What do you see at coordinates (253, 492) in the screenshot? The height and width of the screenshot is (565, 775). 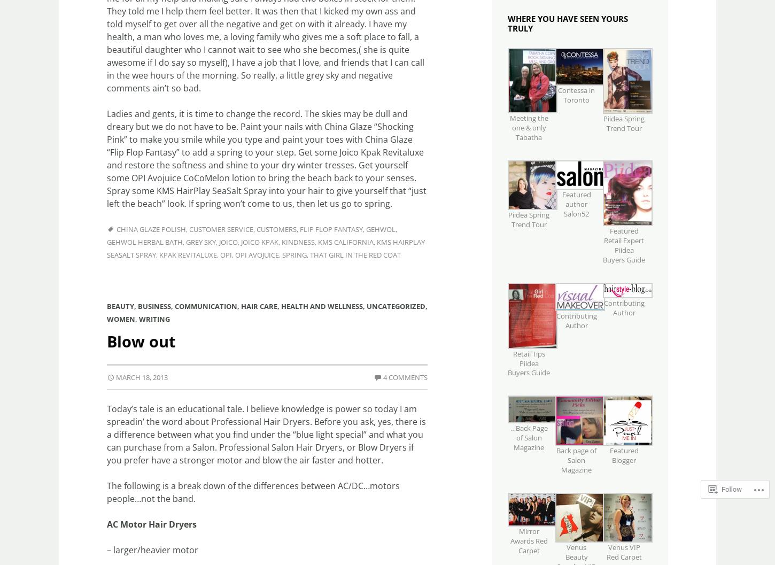 I see `'The following is a break down of the differences between AC/DC…motors people…not the band.'` at bounding box center [253, 492].